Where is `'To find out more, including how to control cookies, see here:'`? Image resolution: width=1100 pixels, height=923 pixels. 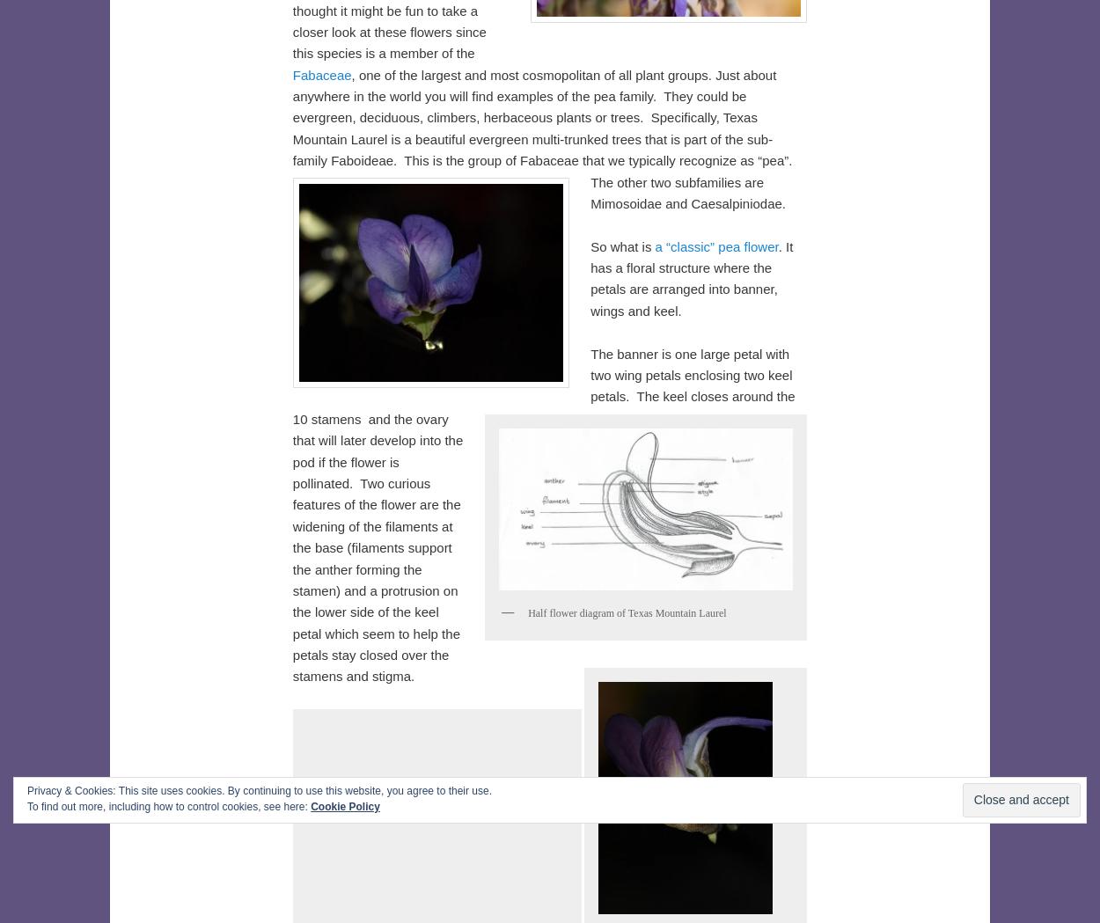
'To find out more, including how to control cookies, see here:' is located at coordinates (167, 806).